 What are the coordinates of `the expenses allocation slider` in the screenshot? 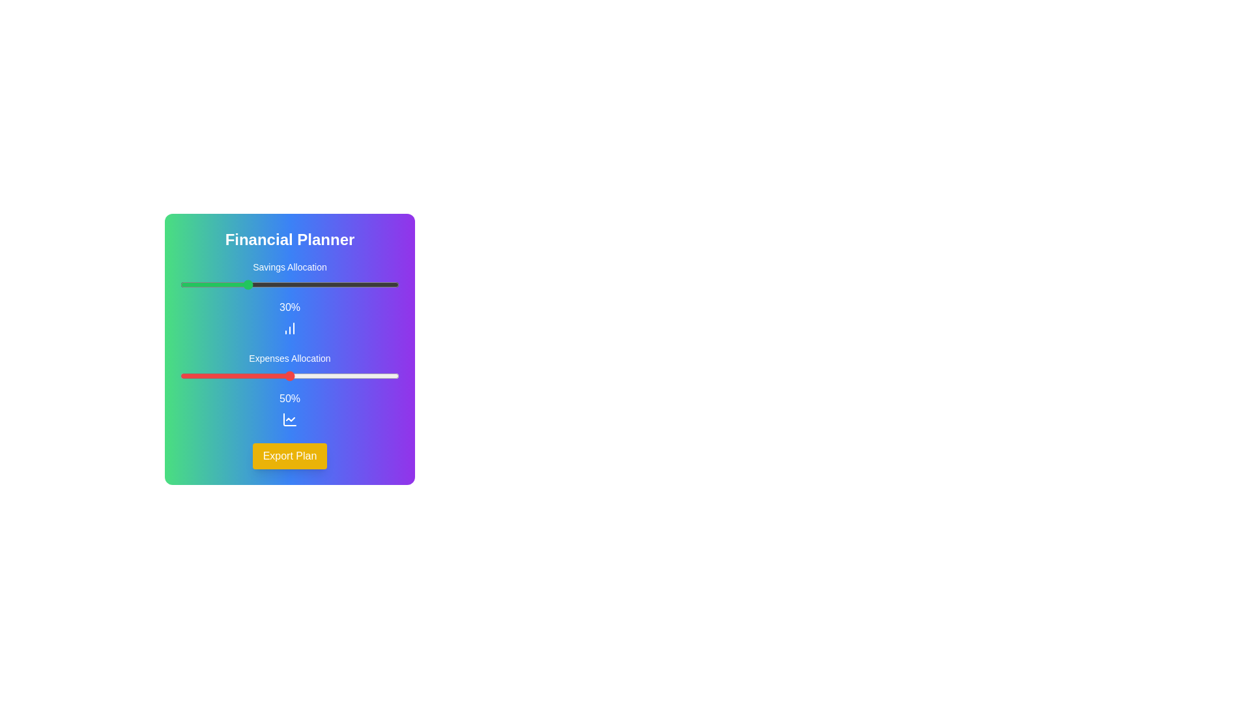 It's located at (224, 376).